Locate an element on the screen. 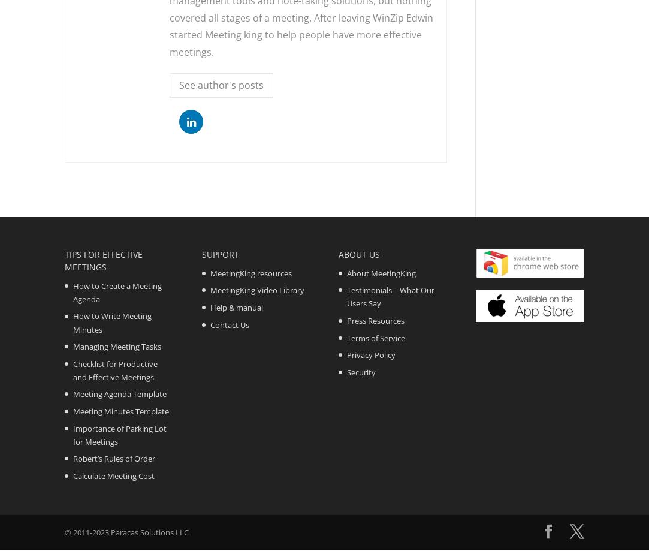  'Robert’s Rules of Order' is located at coordinates (113, 458).